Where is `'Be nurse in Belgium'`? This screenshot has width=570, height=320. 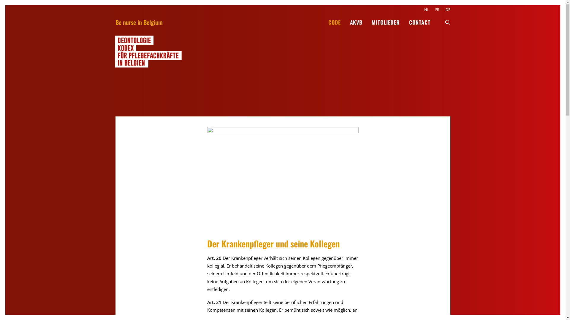 'Be nurse in Belgium' is located at coordinates (138, 22).